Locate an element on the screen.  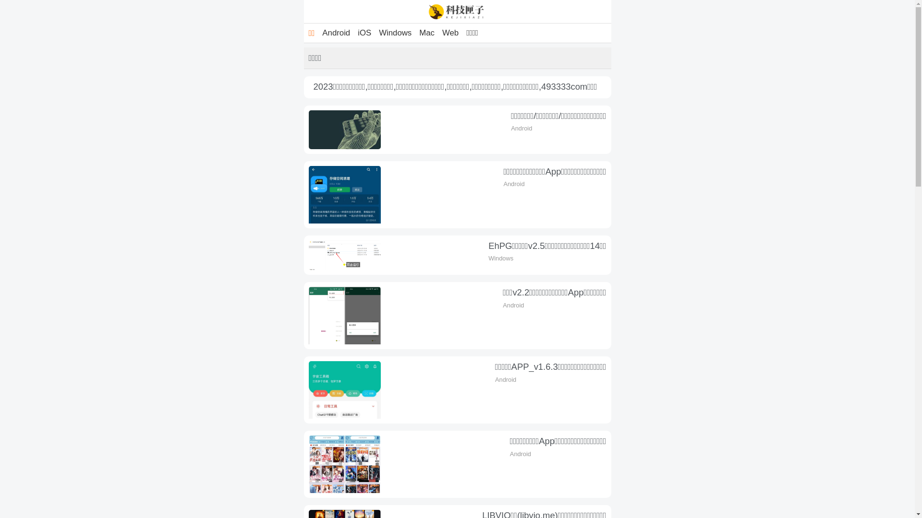
'Web' is located at coordinates (437, 33).